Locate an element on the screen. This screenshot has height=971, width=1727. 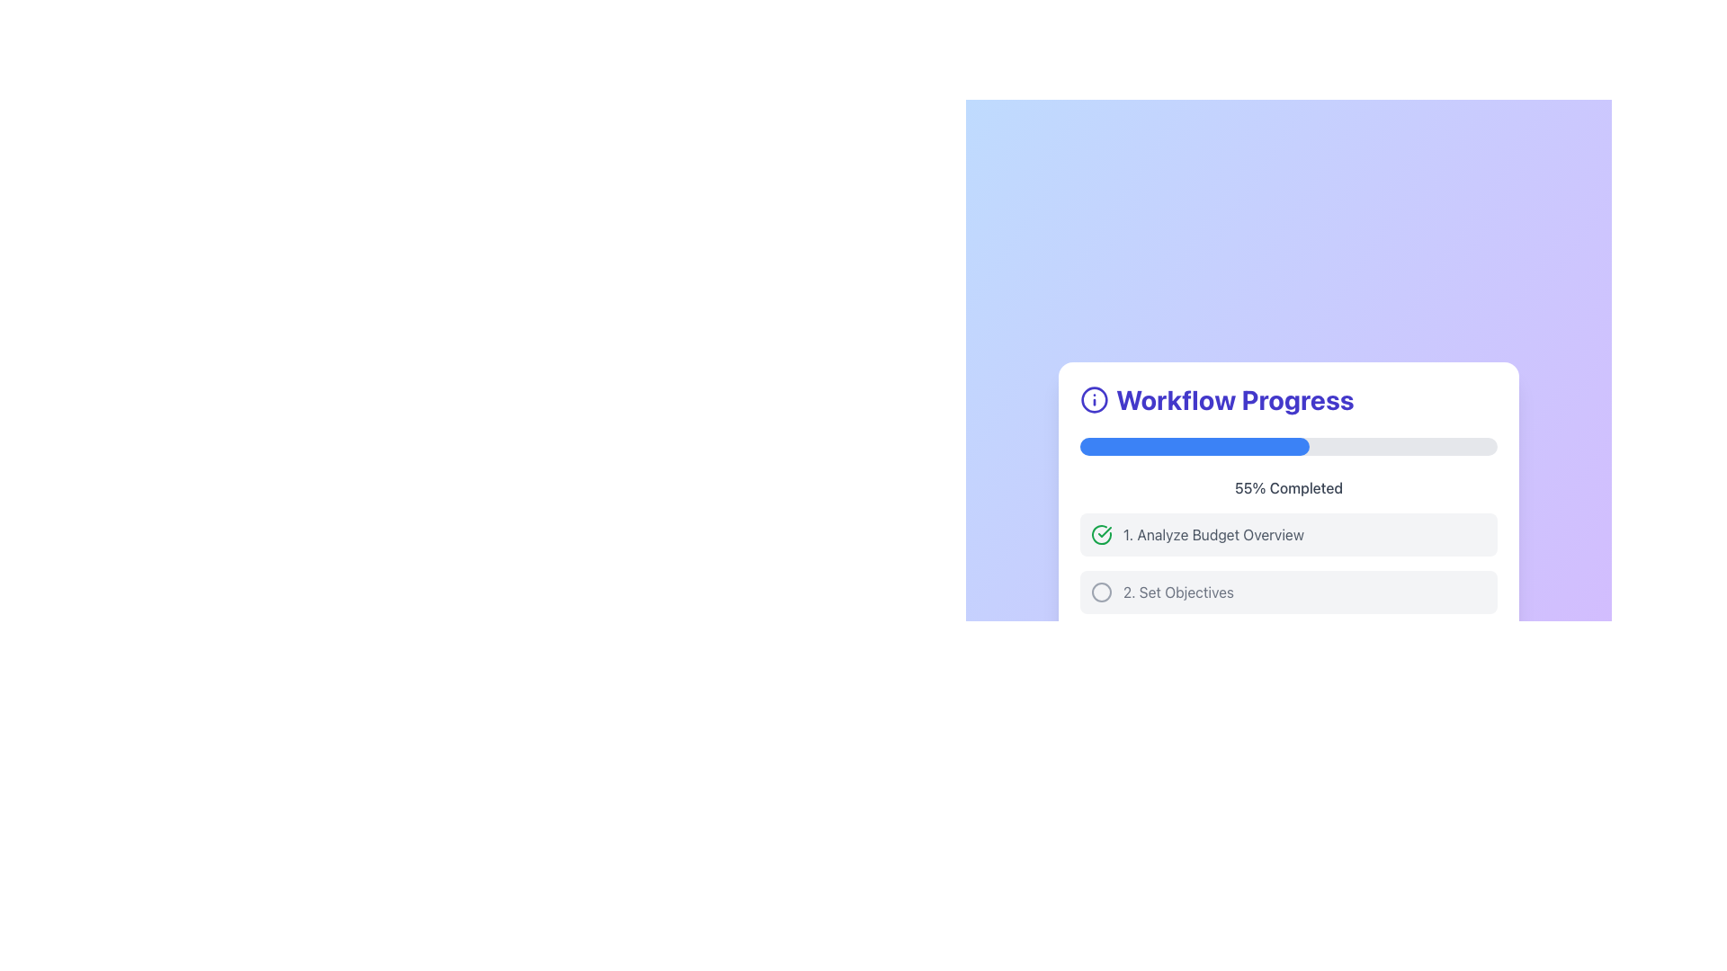
the circular icon styled as an empty circle with a thin gray outline, which represents the task progress marker for '2. Set Objectives' is located at coordinates (1100, 592).